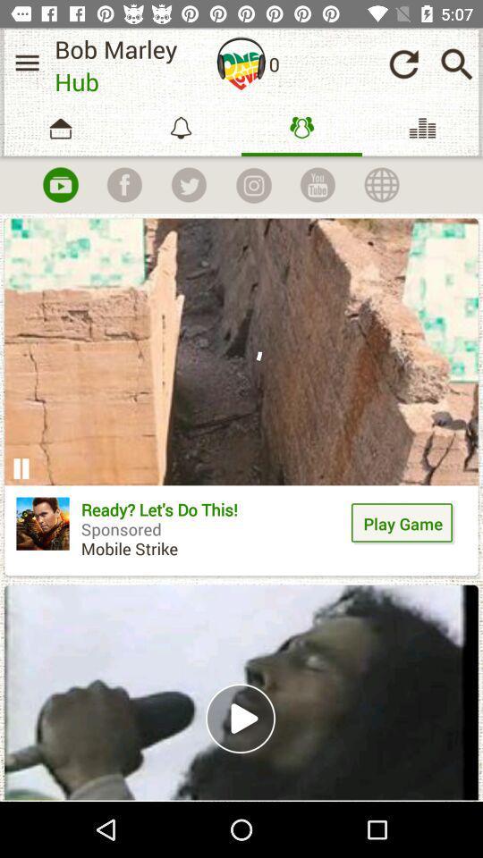 The height and width of the screenshot is (858, 483). What do you see at coordinates (252, 185) in the screenshot?
I see `the photo icon` at bounding box center [252, 185].